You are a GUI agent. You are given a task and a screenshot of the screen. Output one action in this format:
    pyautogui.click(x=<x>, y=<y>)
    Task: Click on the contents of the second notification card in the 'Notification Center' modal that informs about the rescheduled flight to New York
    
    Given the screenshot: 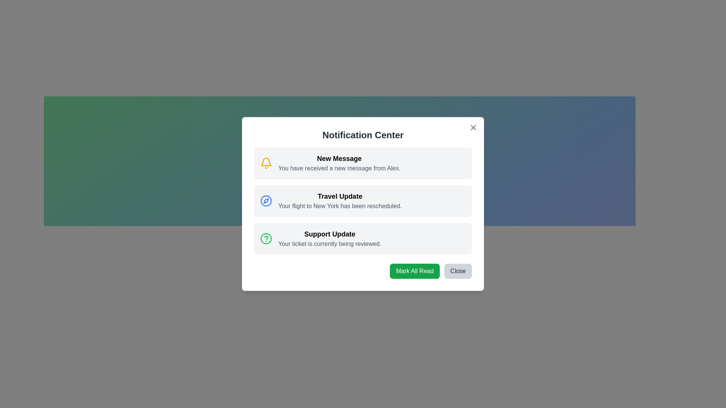 What is the action you would take?
    pyautogui.click(x=340, y=201)
    